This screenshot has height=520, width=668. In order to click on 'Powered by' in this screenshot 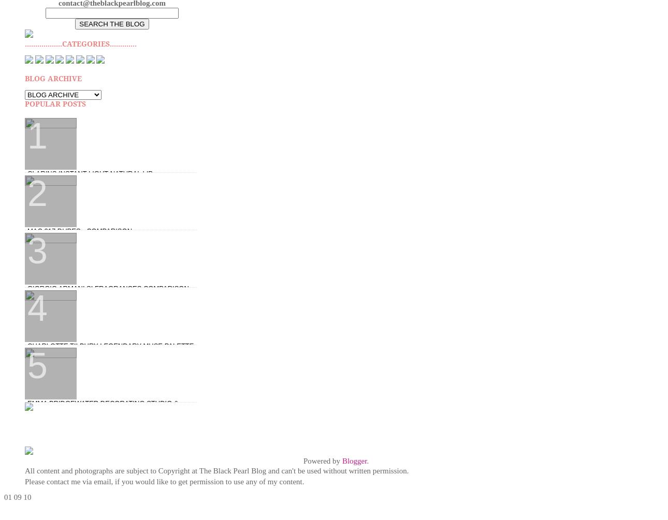, I will do `click(322, 460)`.